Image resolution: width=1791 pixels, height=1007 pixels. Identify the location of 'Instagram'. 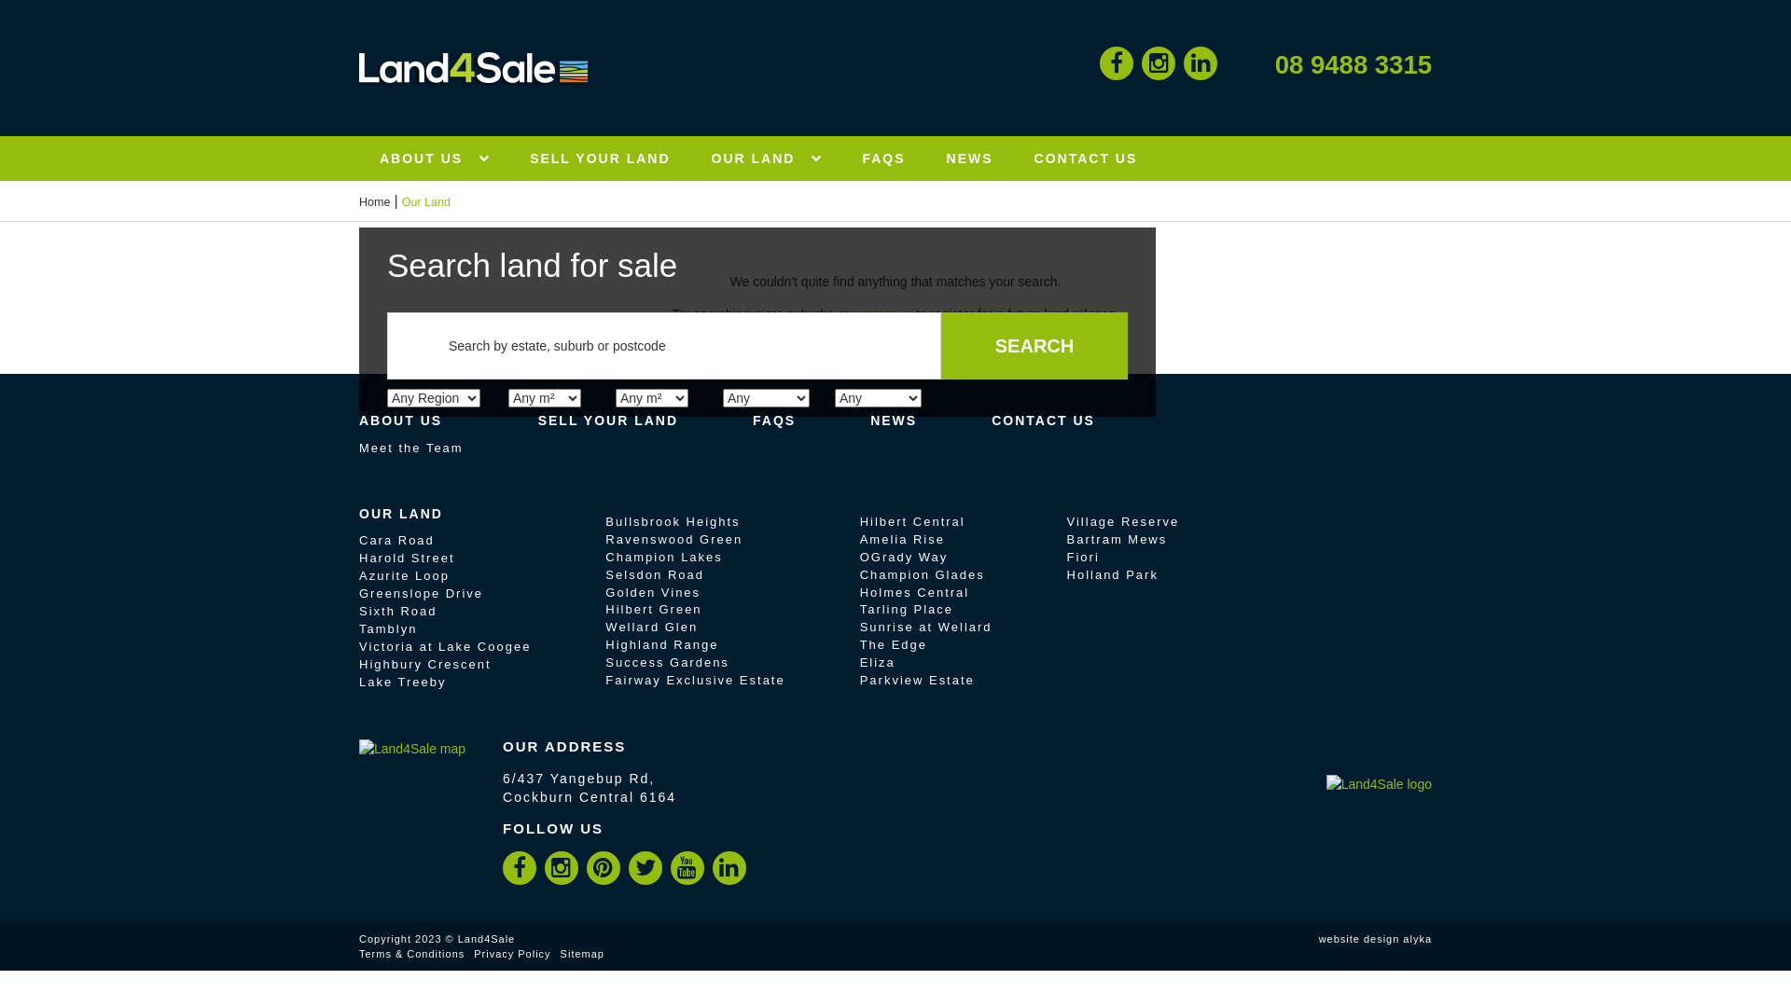
(560, 866).